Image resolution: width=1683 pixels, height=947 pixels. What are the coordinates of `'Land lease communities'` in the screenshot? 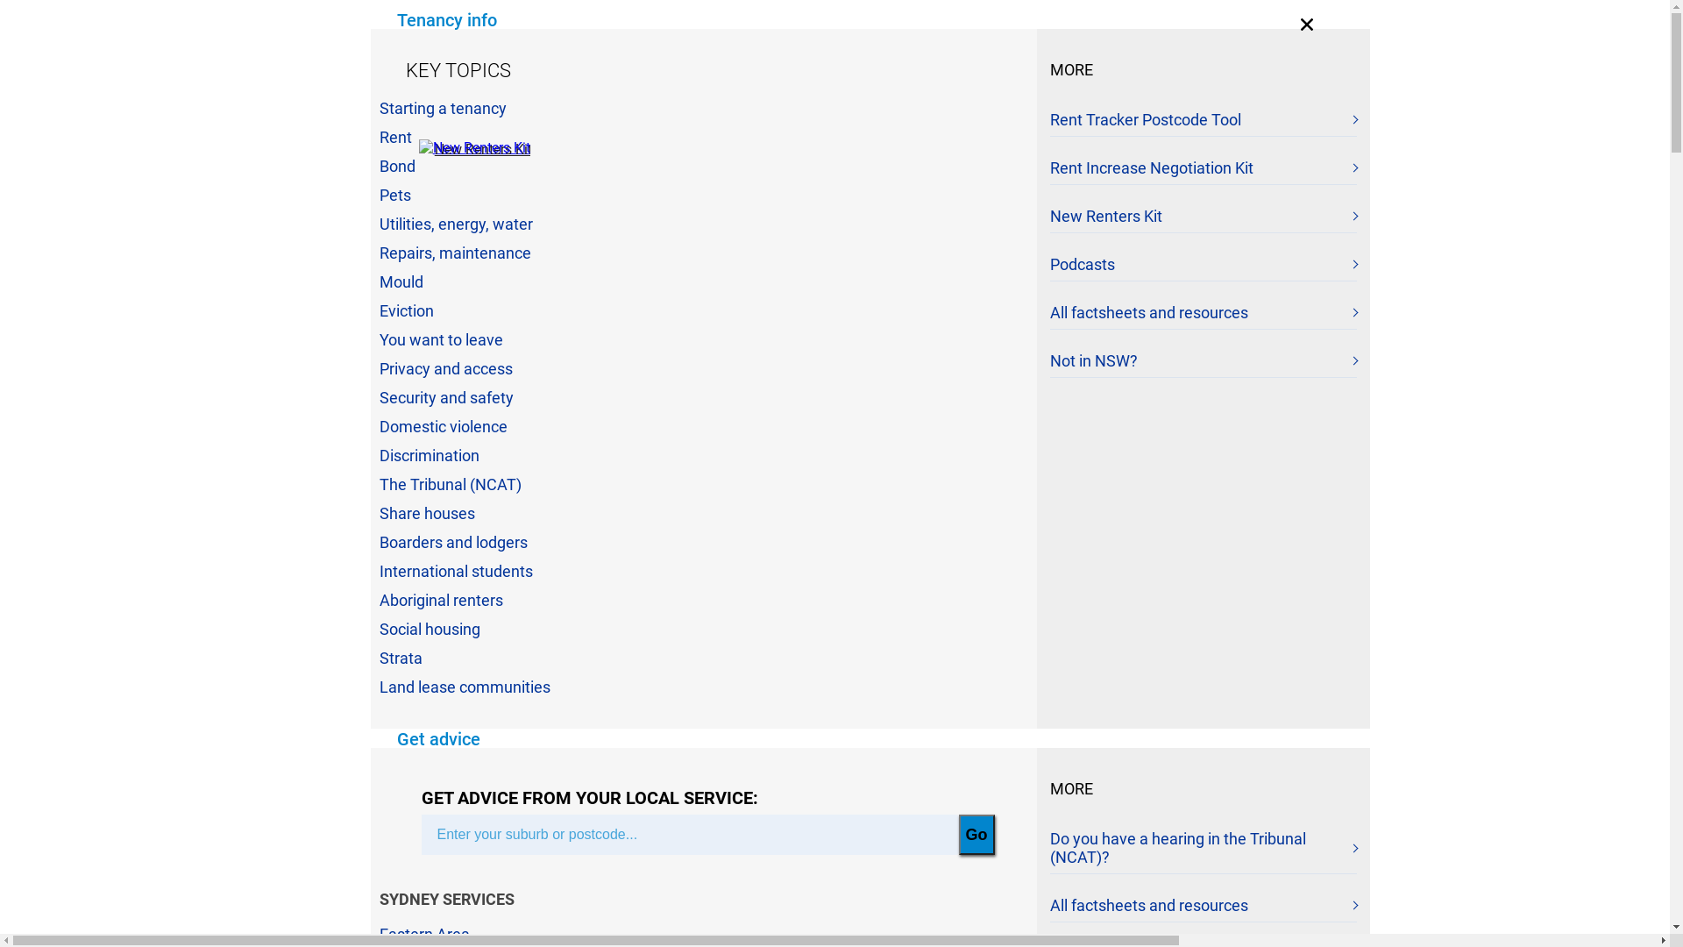 It's located at (464, 686).